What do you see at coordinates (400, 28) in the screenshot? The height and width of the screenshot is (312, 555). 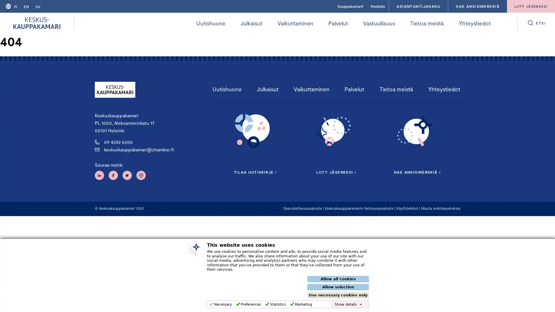 I see `Avaa alivalikko kohteelle Vastuullisuus` at bounding box center [400, 28].